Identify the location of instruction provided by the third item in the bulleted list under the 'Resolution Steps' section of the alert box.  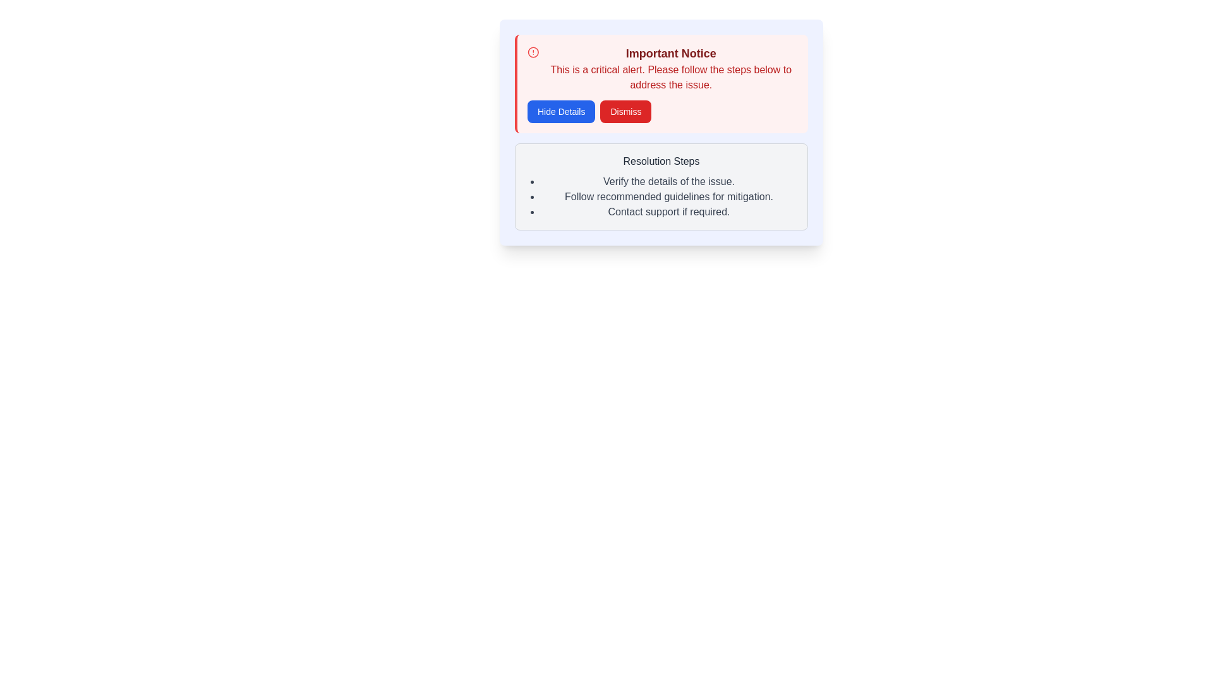
(668, 211).